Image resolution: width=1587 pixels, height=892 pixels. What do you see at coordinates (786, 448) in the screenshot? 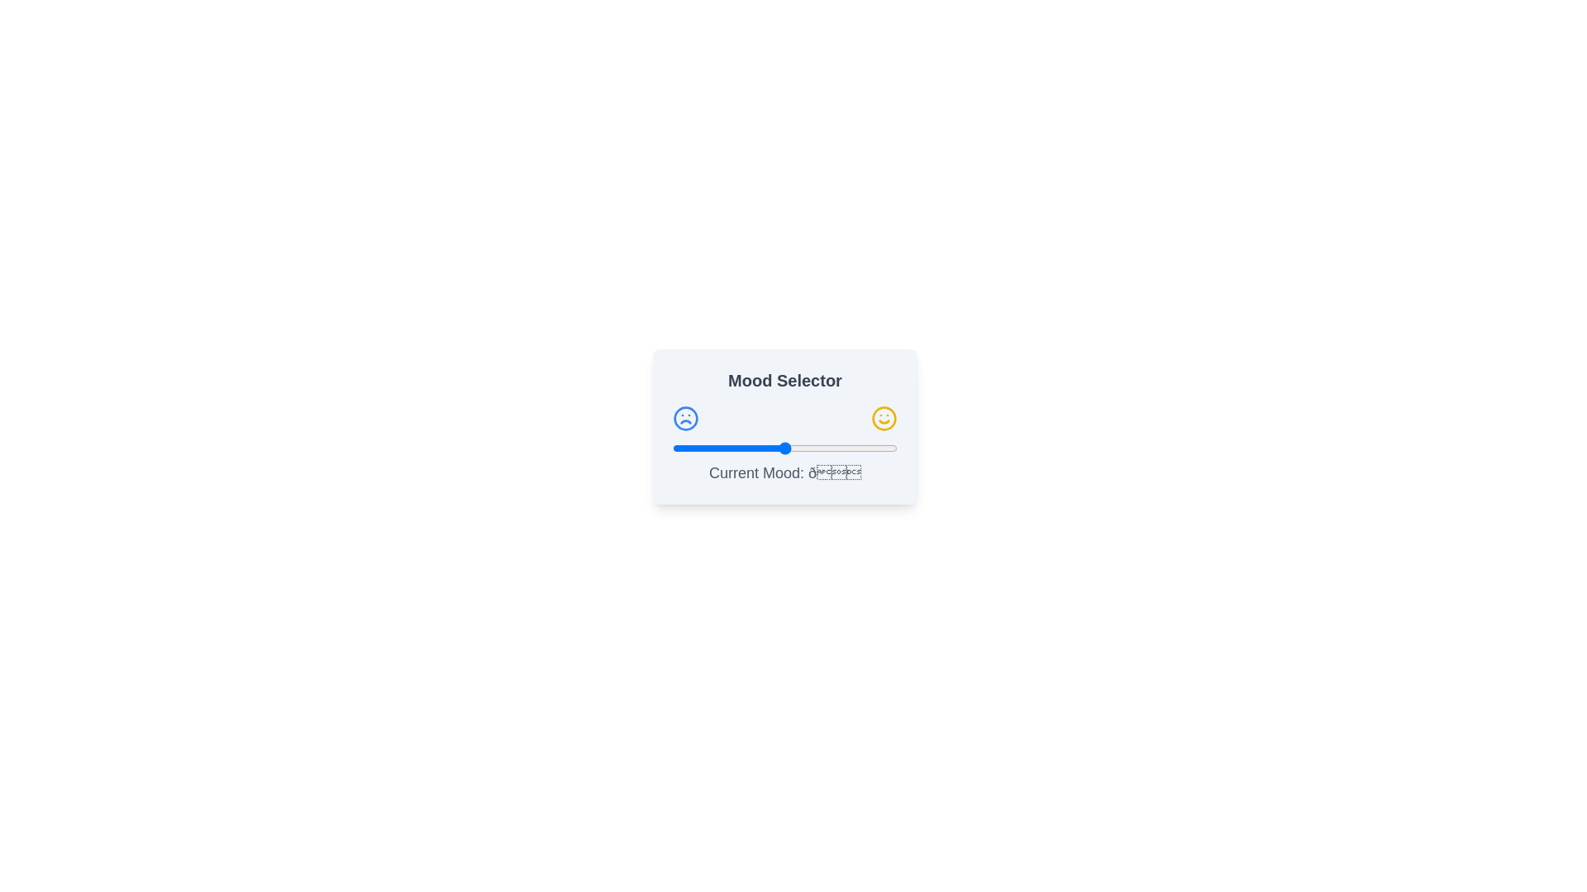
I see `the slider to set the mood value to 51` at bounding box center [786, 448].